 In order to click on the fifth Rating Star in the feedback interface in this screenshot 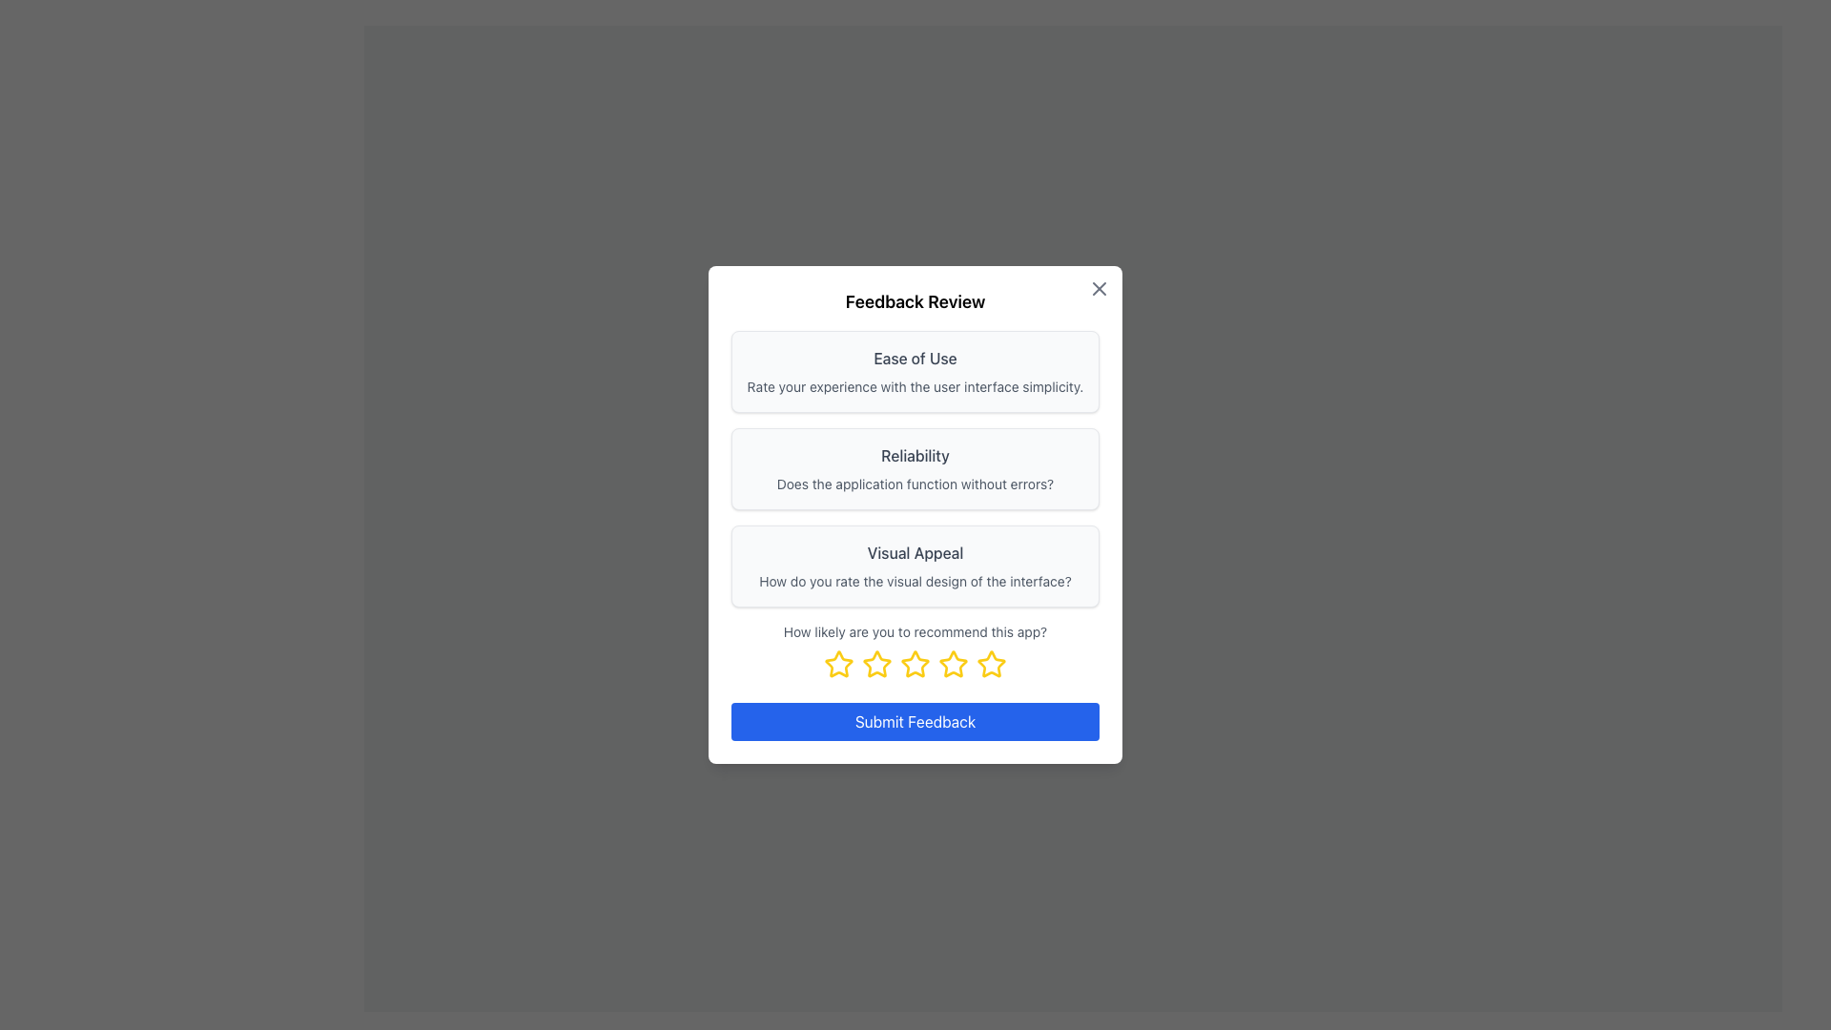, I will do `click(992, 664)`.